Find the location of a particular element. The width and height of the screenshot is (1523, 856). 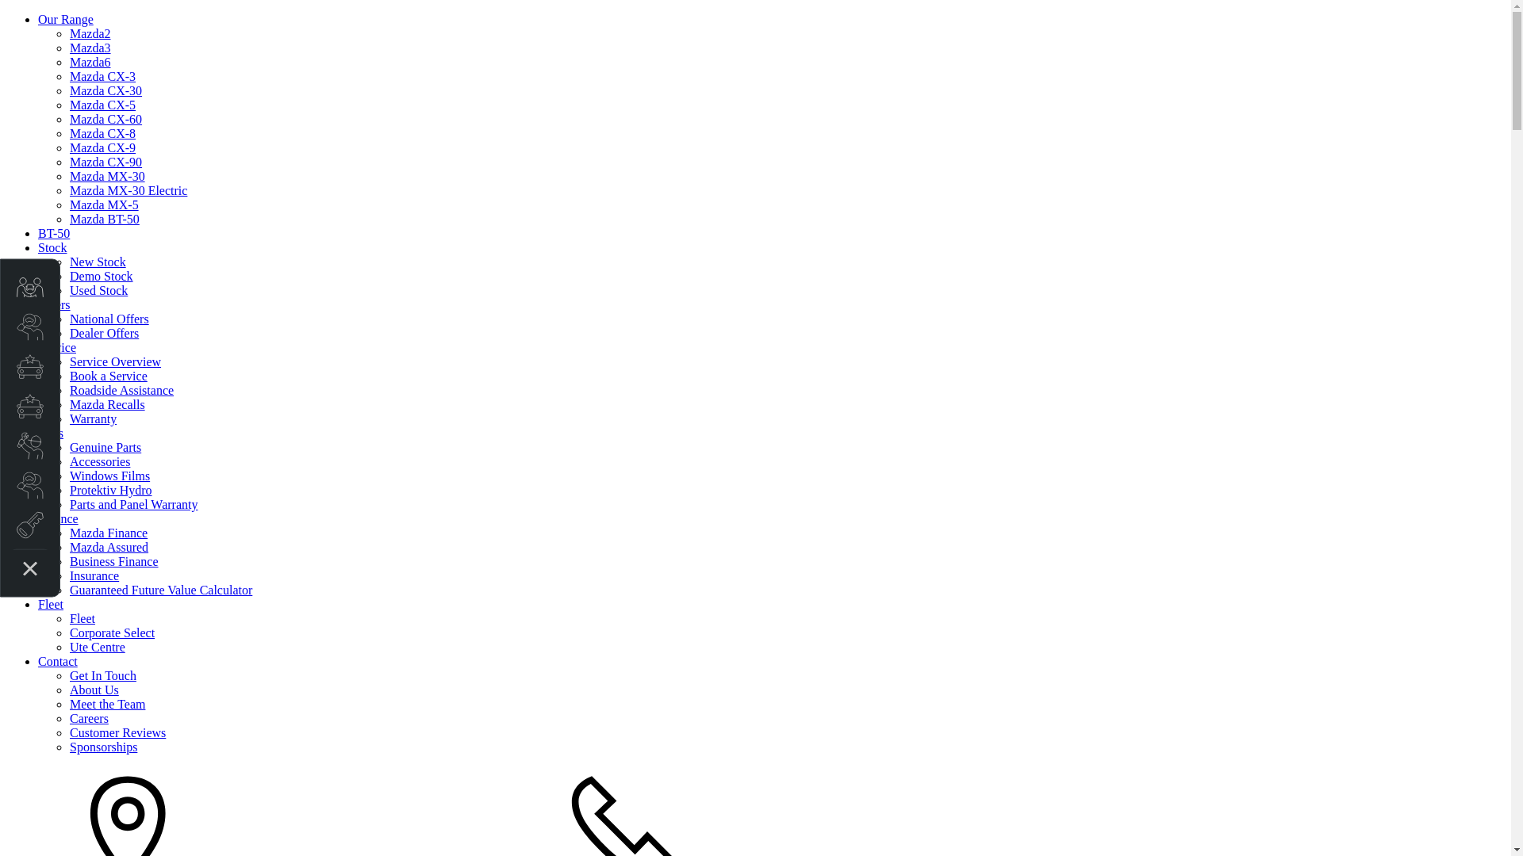

'Service' is located at coordinates (57, 346).